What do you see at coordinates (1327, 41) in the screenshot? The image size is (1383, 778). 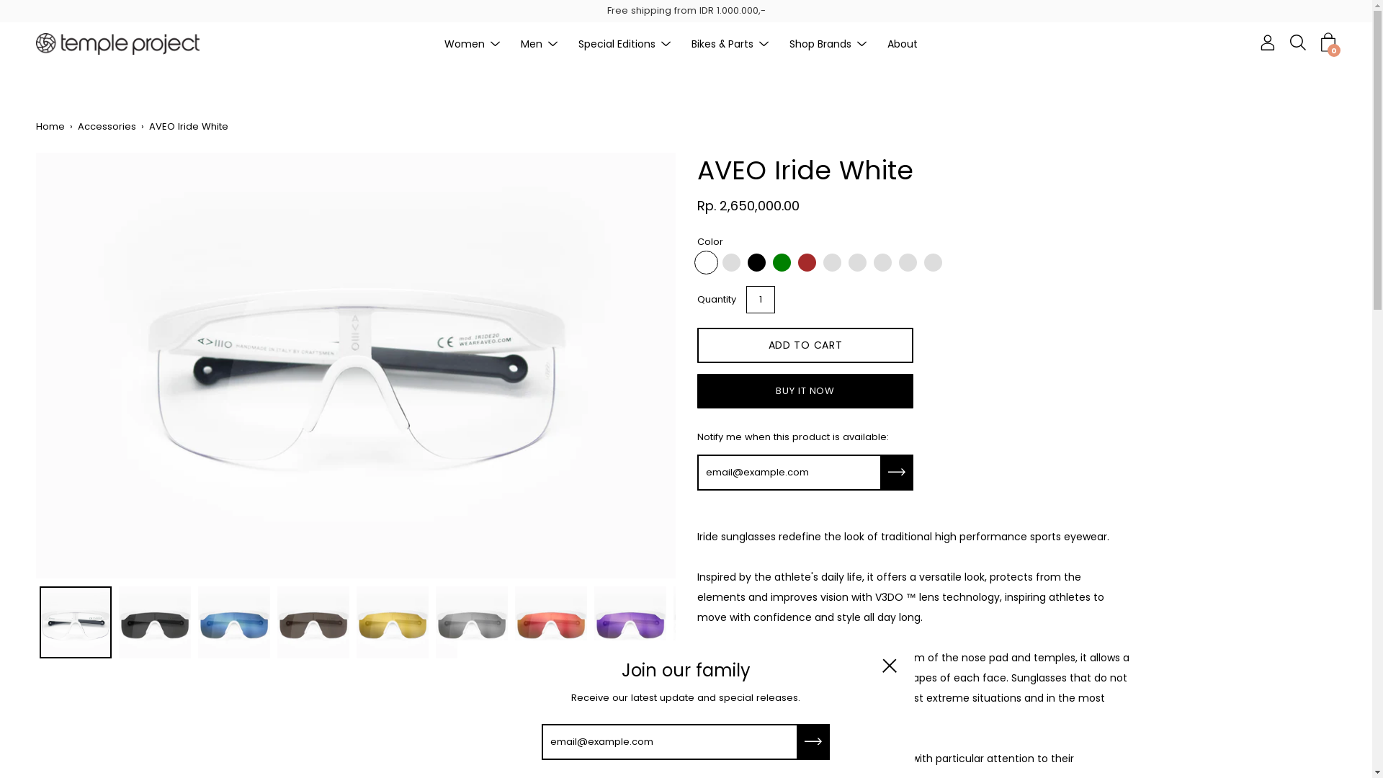 I see `'0'` at bounding box center [1327, 41].